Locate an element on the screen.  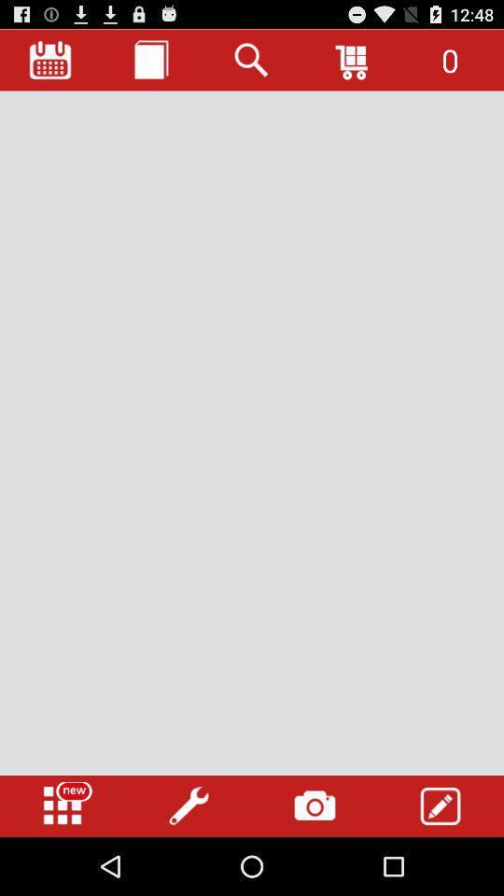
tools options is located at coordinates (189, 805).